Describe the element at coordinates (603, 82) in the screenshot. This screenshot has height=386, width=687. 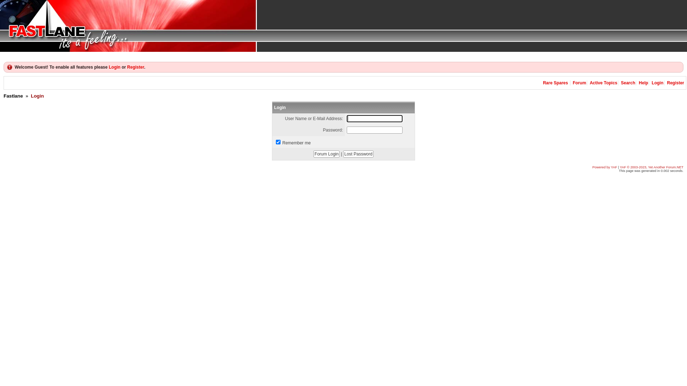
I see `'Active Topics'` at that location.